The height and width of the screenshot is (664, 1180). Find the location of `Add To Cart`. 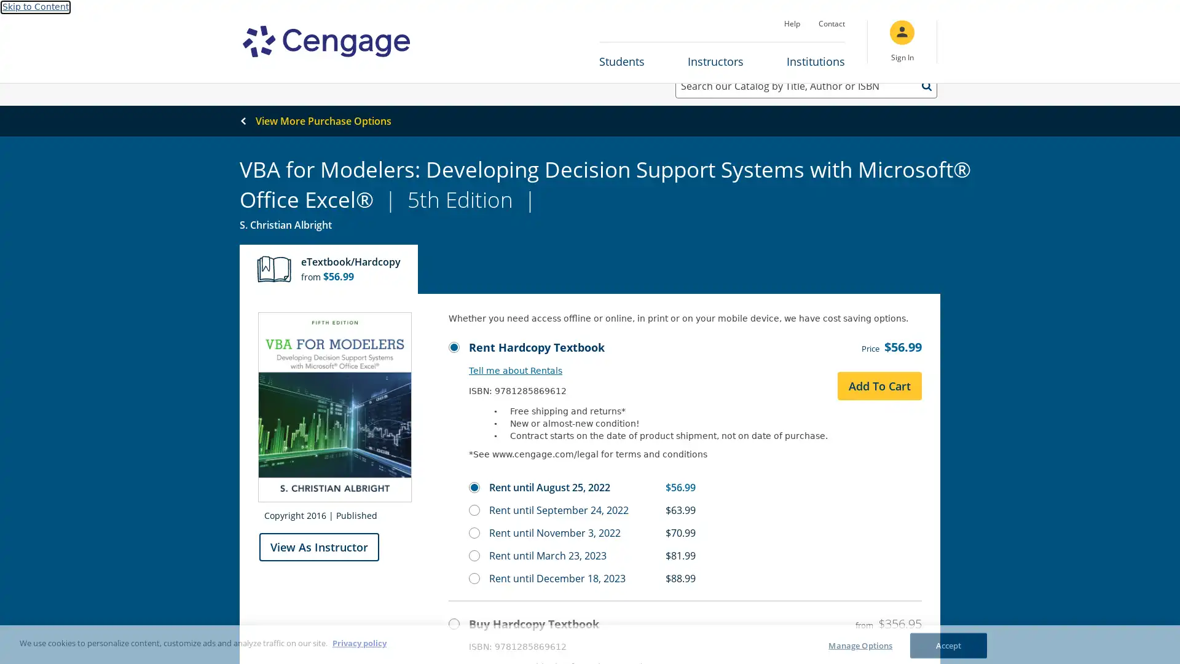

Add To Cart is located at coordinates (879, 396).